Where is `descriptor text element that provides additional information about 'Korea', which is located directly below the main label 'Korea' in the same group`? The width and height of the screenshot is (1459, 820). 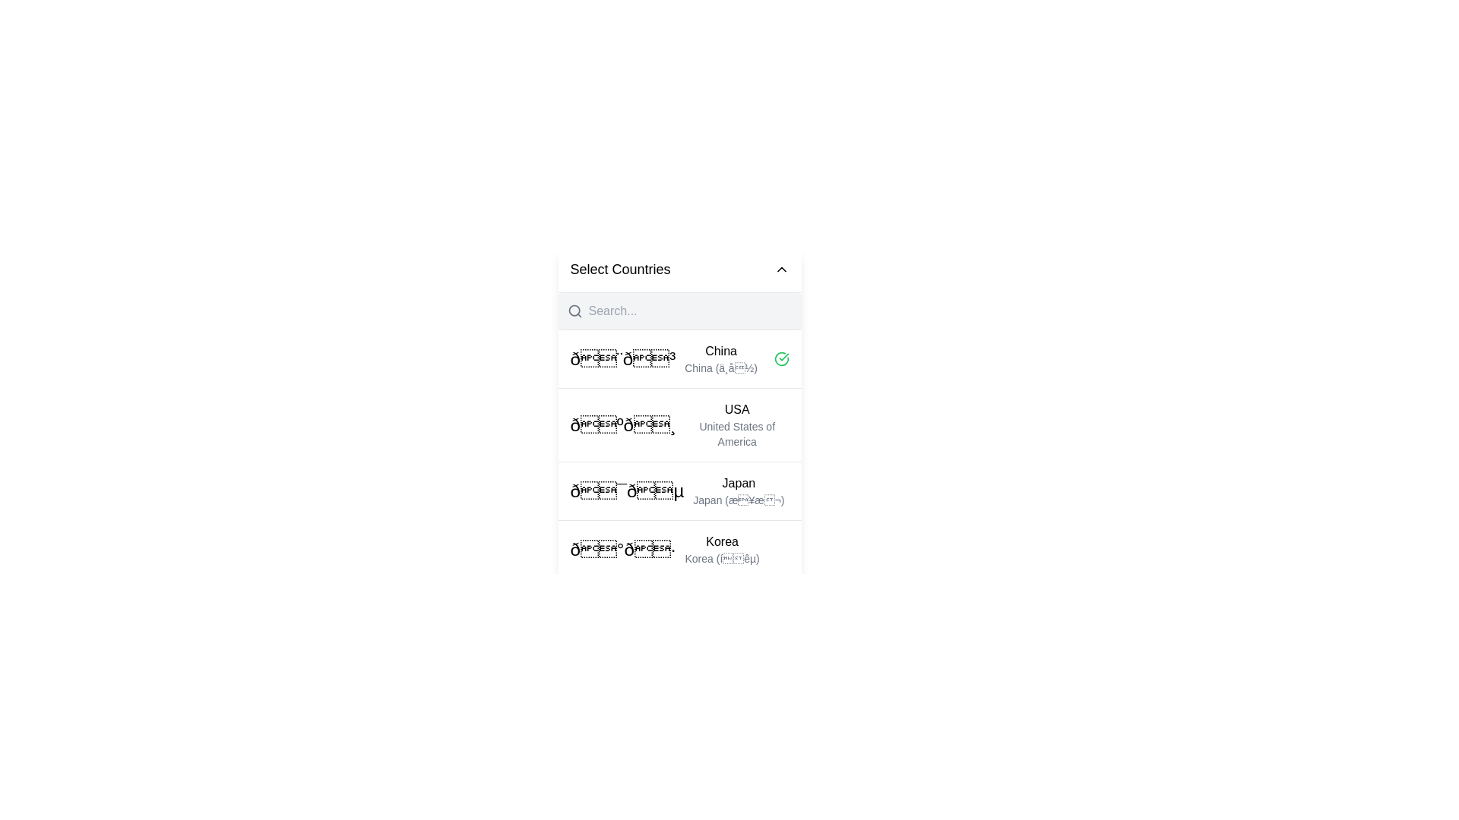
descriptor text element that provides additional information about 'Korea', which is located directly below the main label 'Korea' in the same group is located at coordinates (721, 559).